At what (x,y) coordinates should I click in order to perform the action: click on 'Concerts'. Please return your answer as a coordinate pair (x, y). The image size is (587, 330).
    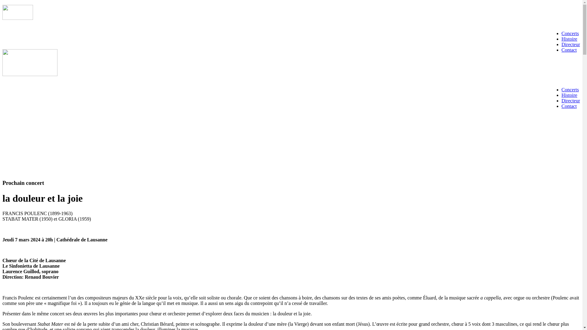
    Looking at the image, I should click on (570, 90).